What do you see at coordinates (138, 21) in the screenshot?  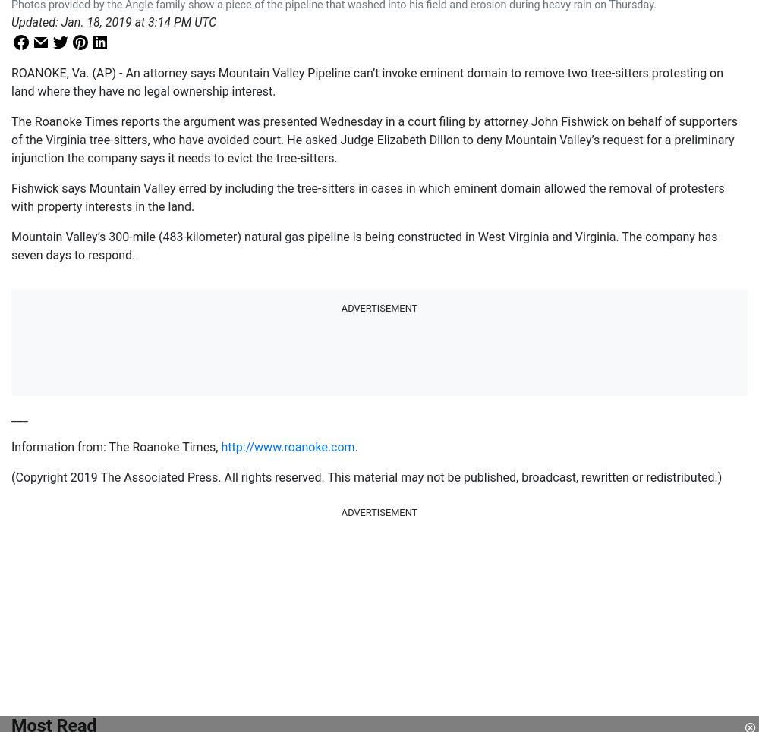 I see `'Jan. 18, 2019 at 3:14 PM UTC'` at bounding box center [138, 21].